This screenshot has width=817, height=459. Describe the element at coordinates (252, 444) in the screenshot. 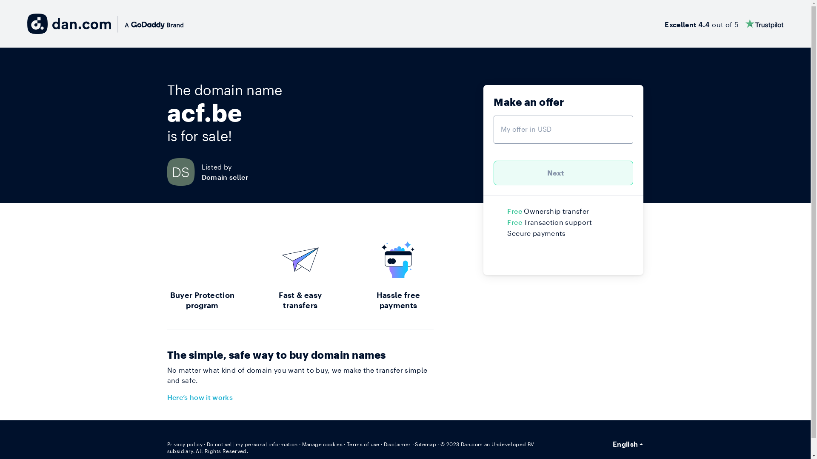

I see `'Do not sell my personal information'` at that location.